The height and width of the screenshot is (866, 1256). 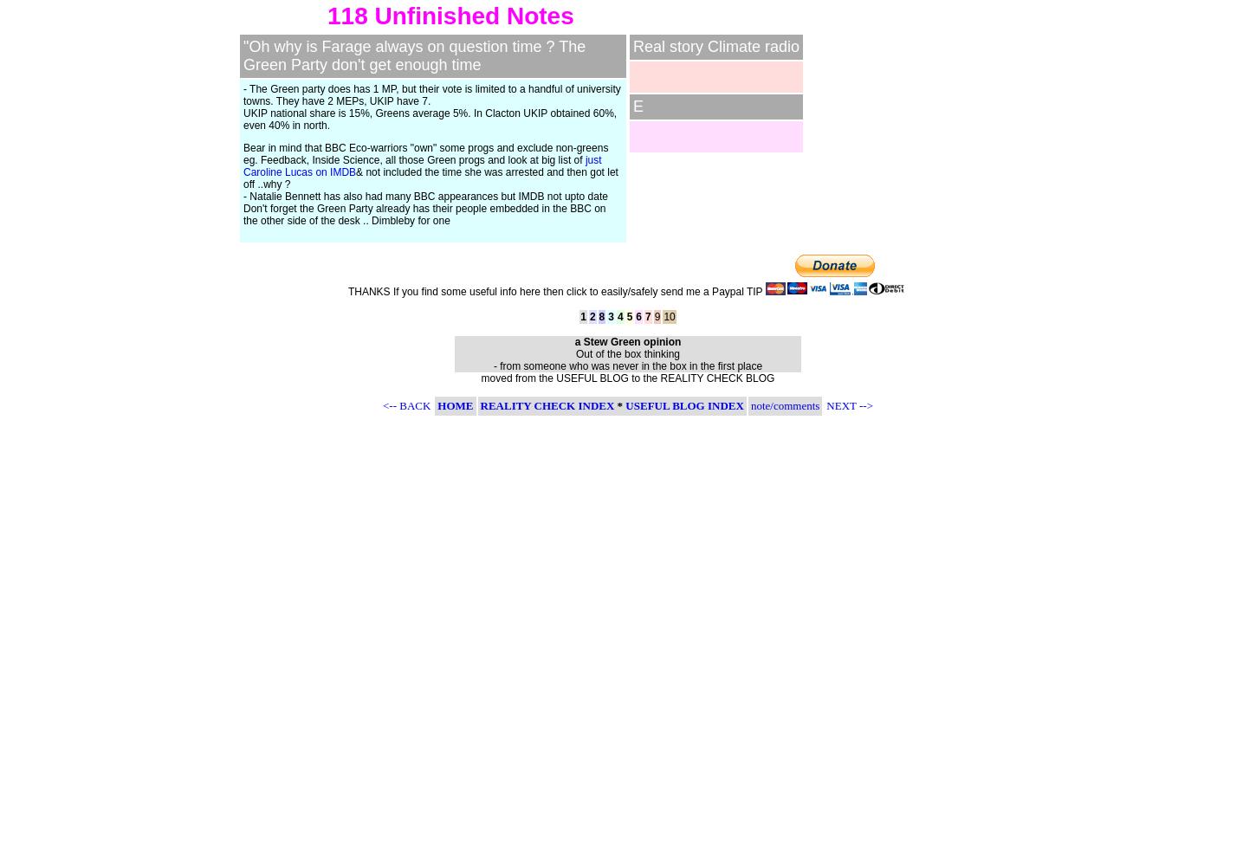 I want to click on '4', so click(x=618, y=316).